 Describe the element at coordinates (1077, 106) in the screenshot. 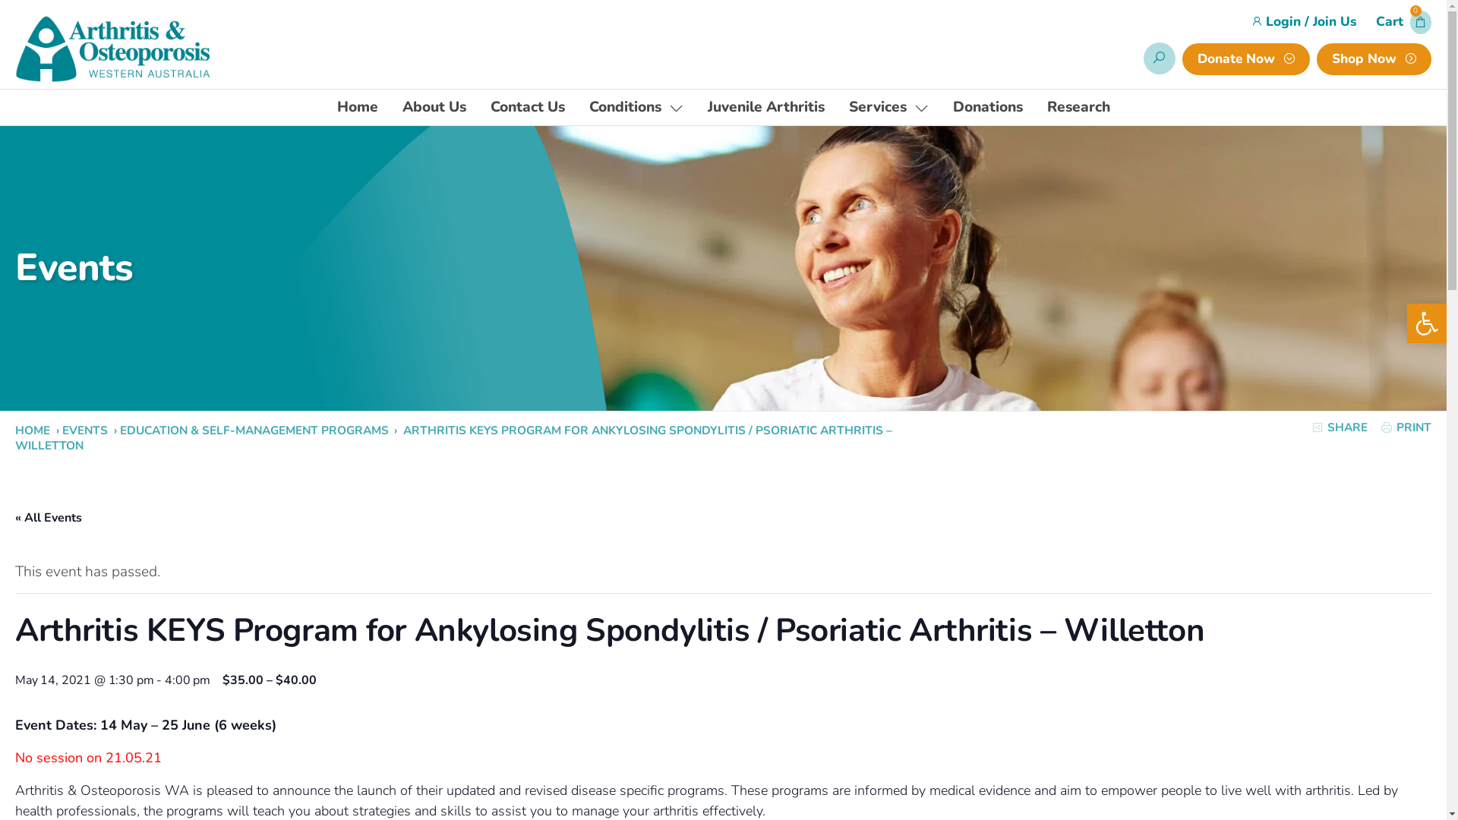

I see `'Research'` at that location.